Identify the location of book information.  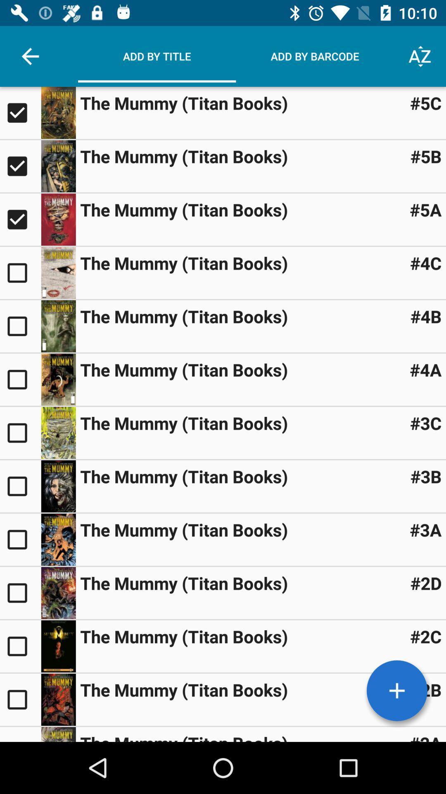
(58, 220).